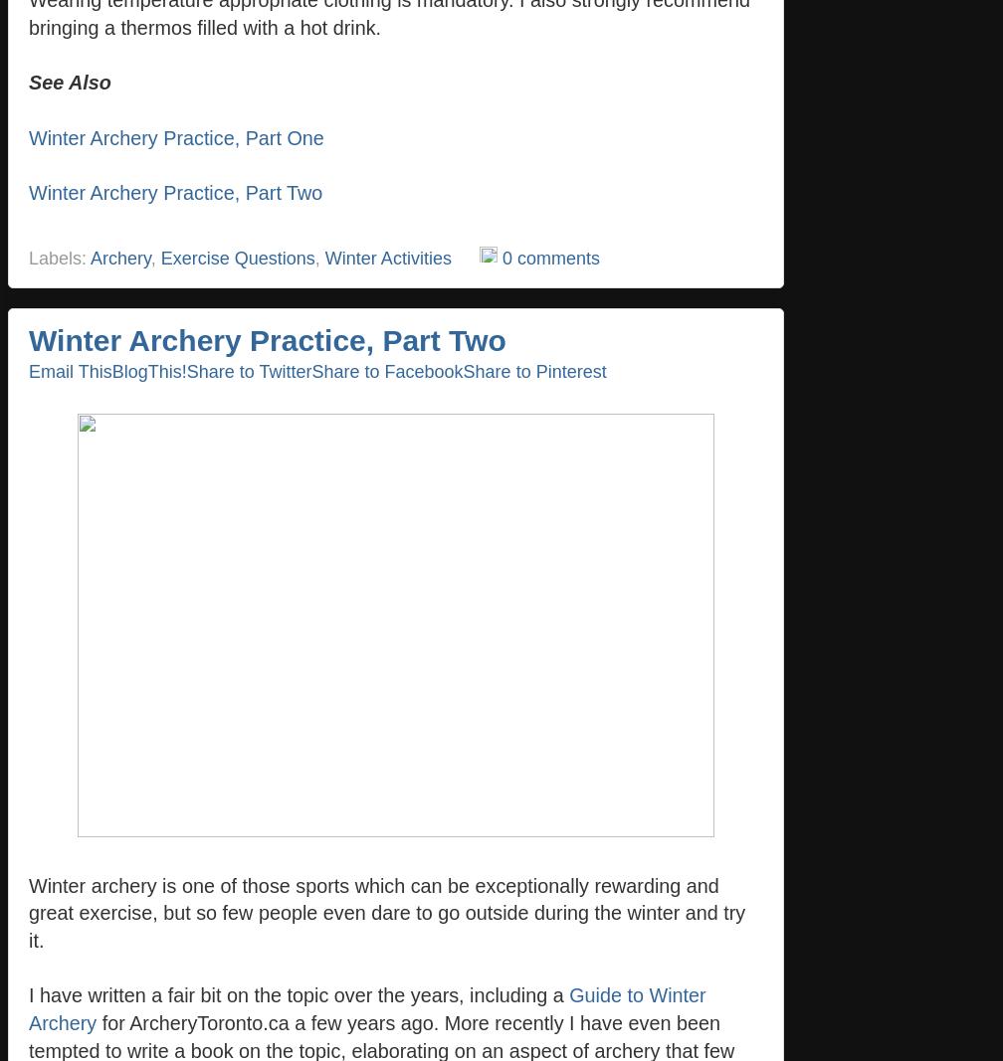 This screenshot has width=1003, height=1061. I want to click on 'Email This', so click(70, 370).